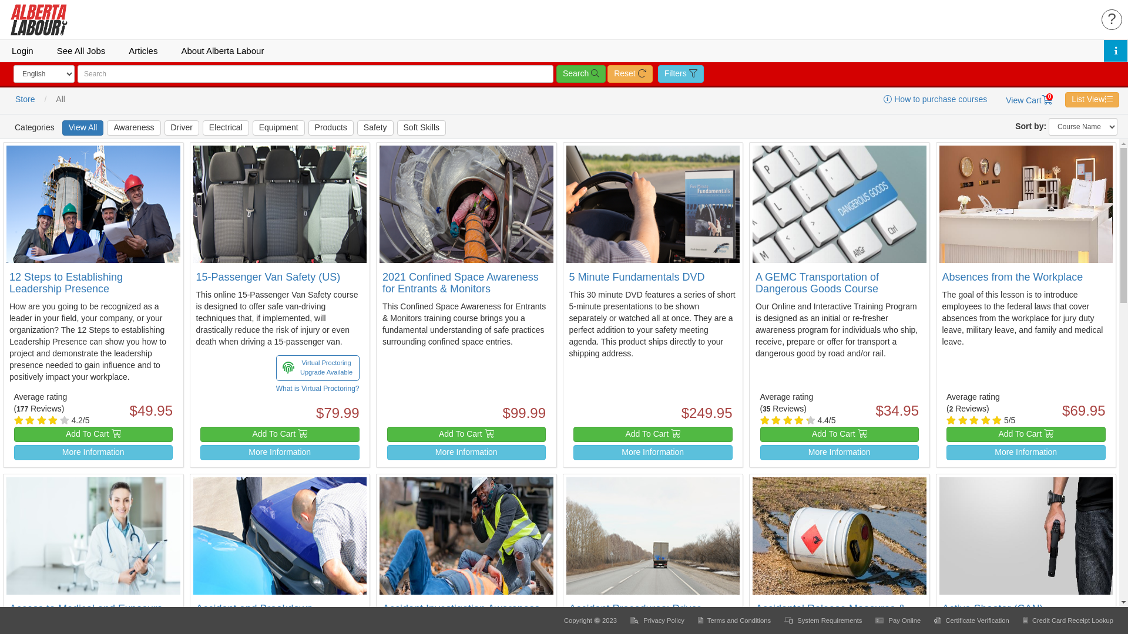  I want to click on 'Articles', so click(116, 50).